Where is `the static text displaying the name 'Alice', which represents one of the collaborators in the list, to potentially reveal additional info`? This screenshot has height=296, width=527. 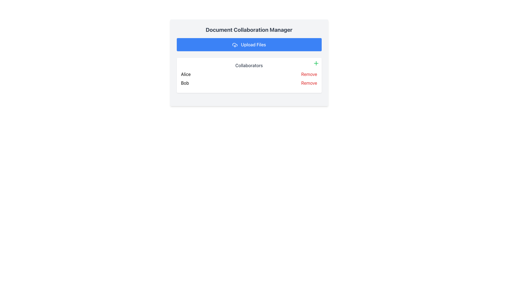 the static text displaying the name 'Alice', which represents one of the collaborators in the list, to potentially reveal additional info is located at coordinates (186, 74).